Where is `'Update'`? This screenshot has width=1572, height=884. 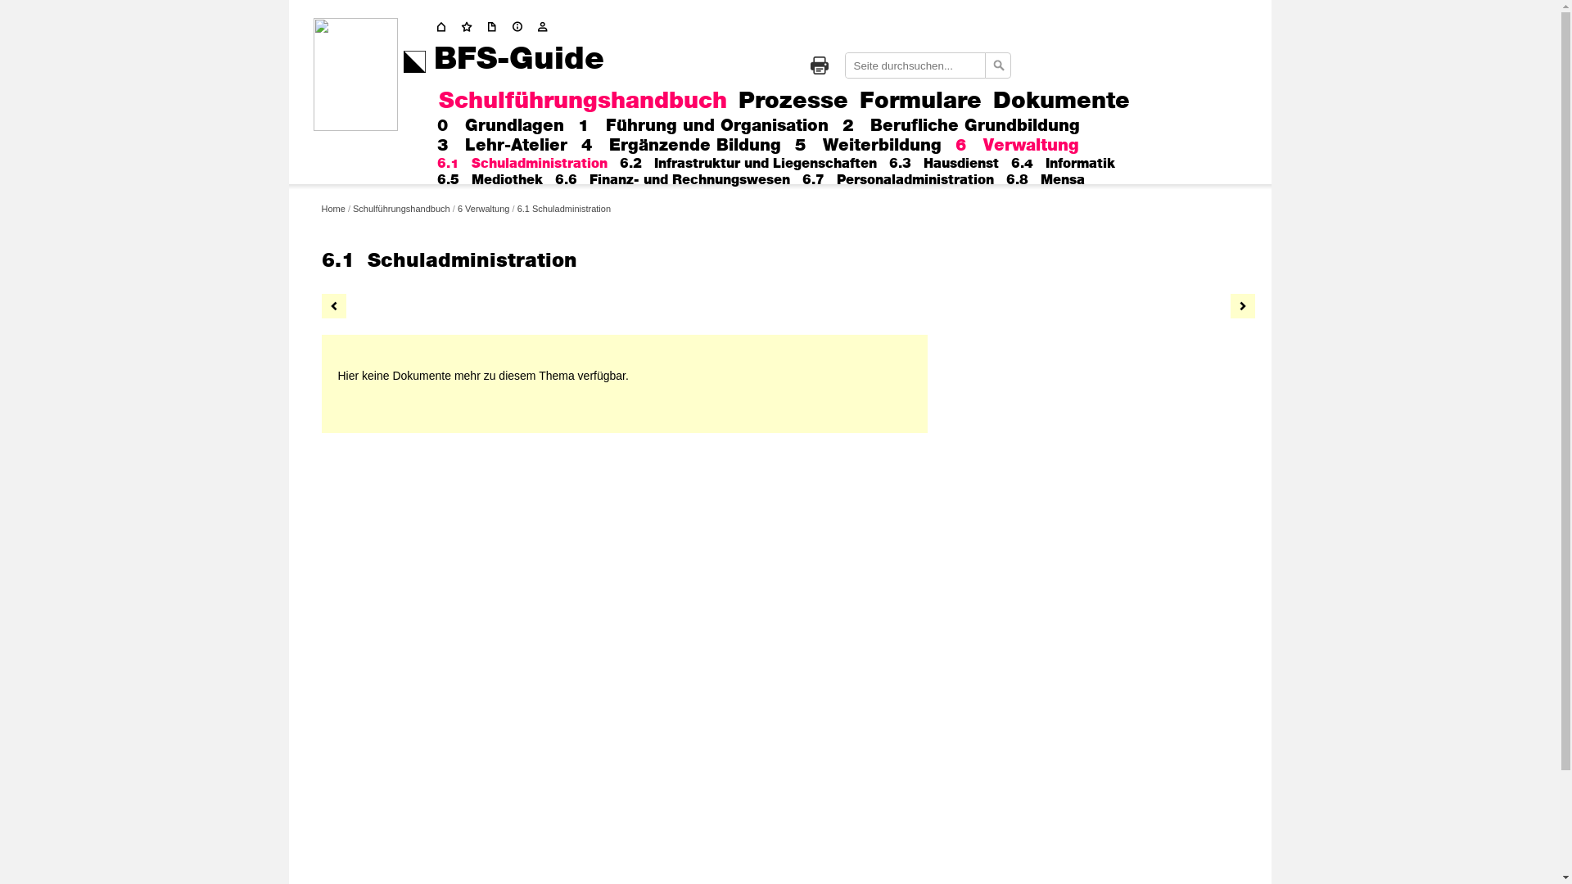
'Update' is located at coordinates (494, 27).